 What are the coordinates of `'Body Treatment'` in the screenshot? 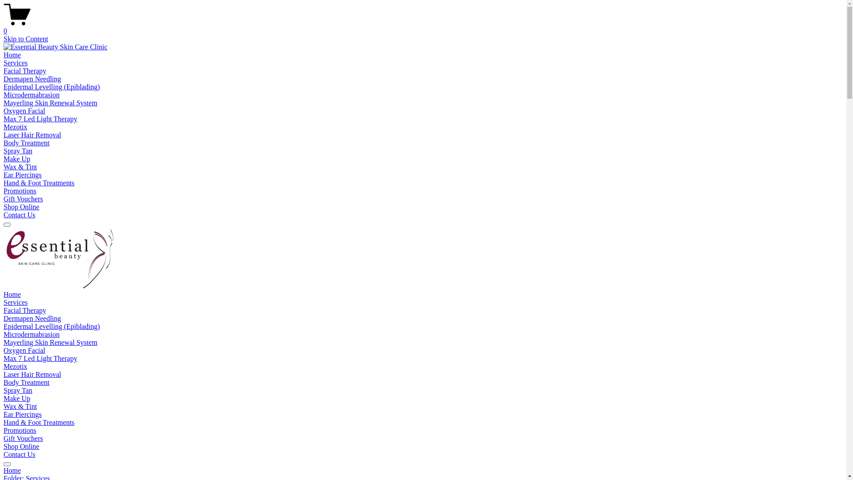 It's located at (26, 382).